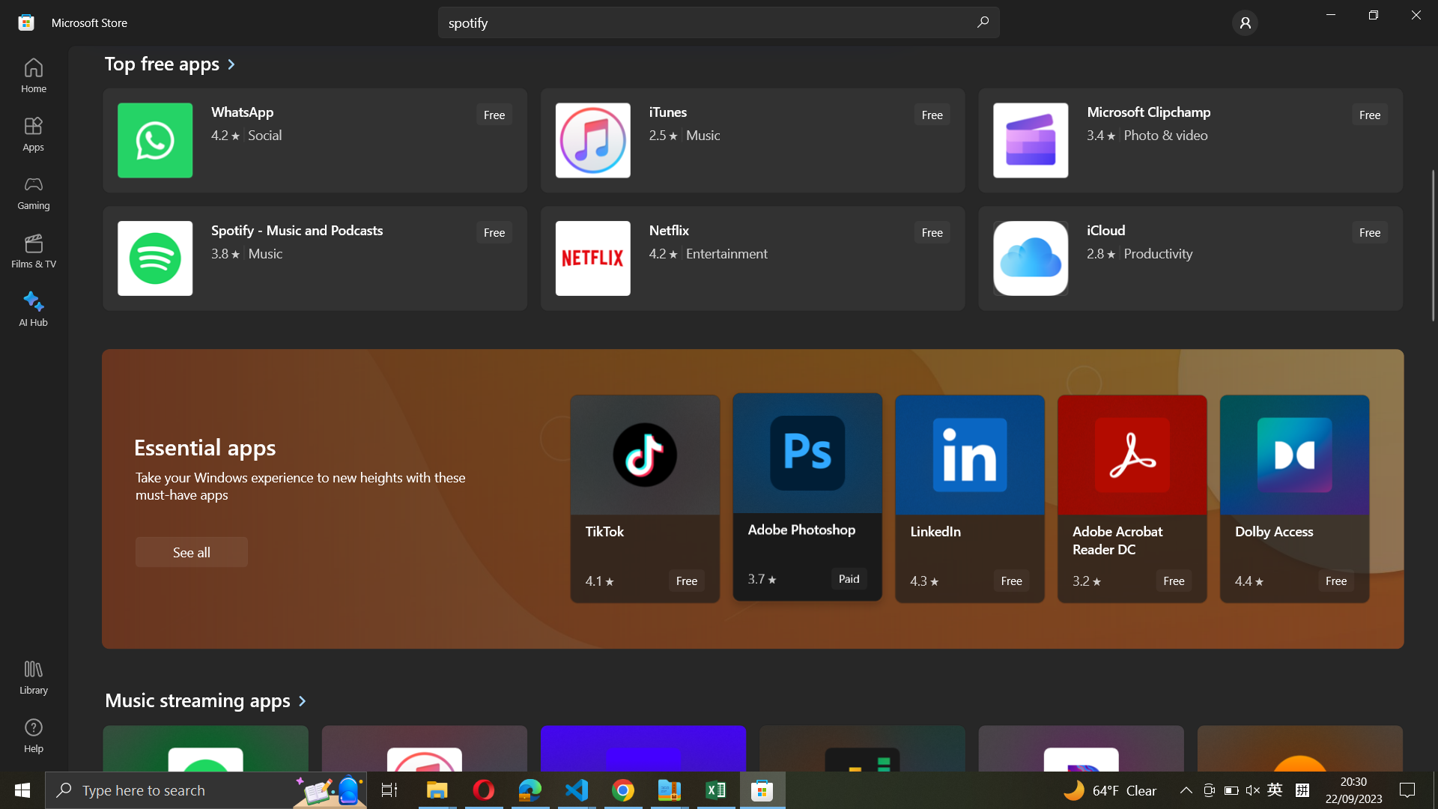 This screenshot has width=1438, height=809. What do you see at coordinates (33, 734) in the screenshot?
I see `Help function` at bounding box center [33, 734].